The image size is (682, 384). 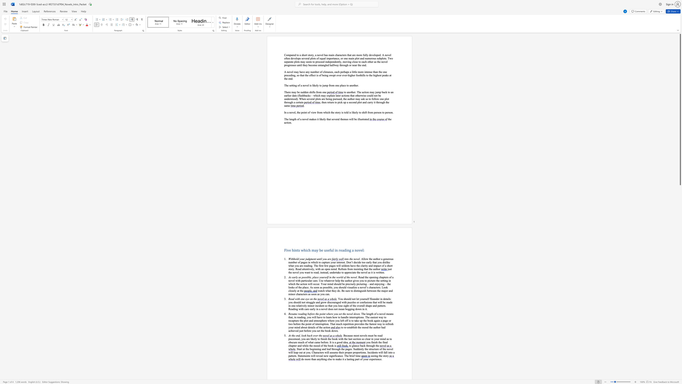 I want to click on the 6th character "l" in the text, so click(x=356, y=277).